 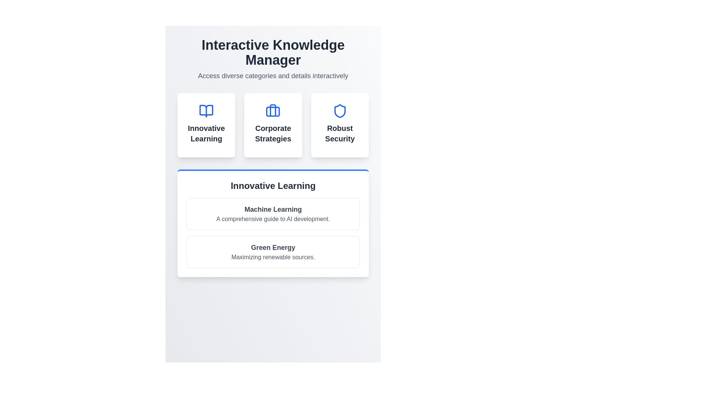 I want to click on the text label displaying 'Corporate Strategies', which is located in the center of the card below the briefcase icon, so click(x=273, y=133).